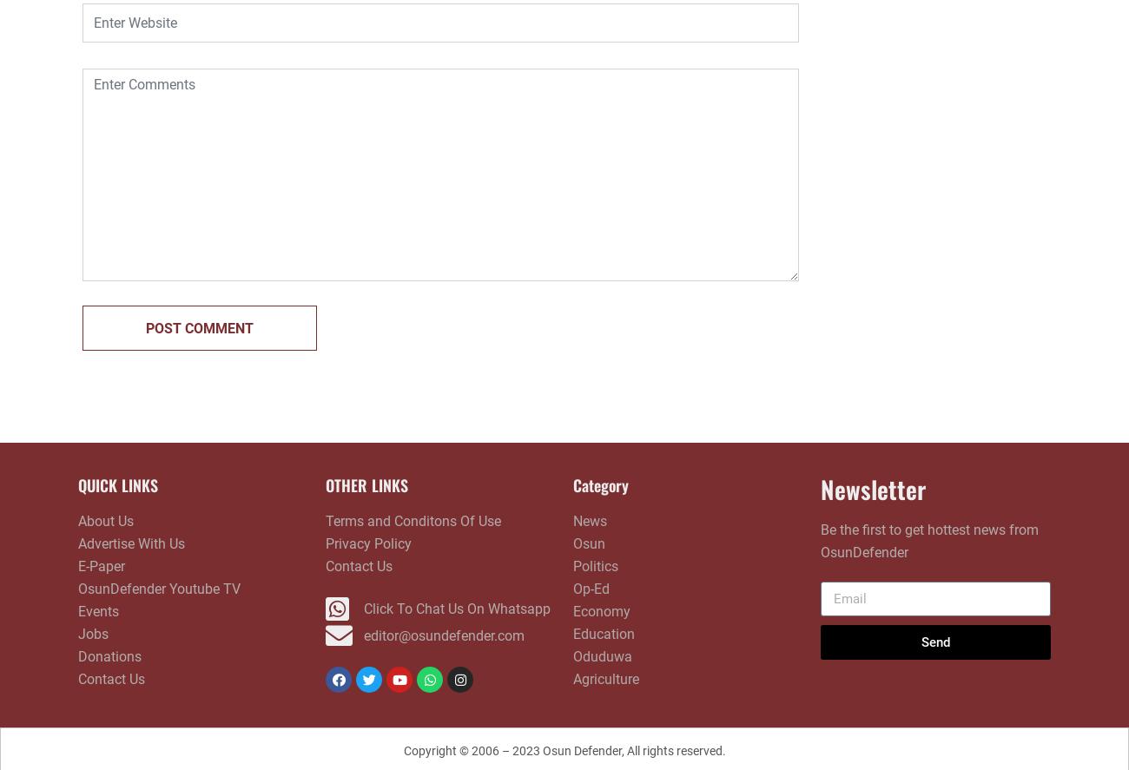 The width and height of the screenshot is (1129, 770). I want to click on 'Send', so click(935, 641).